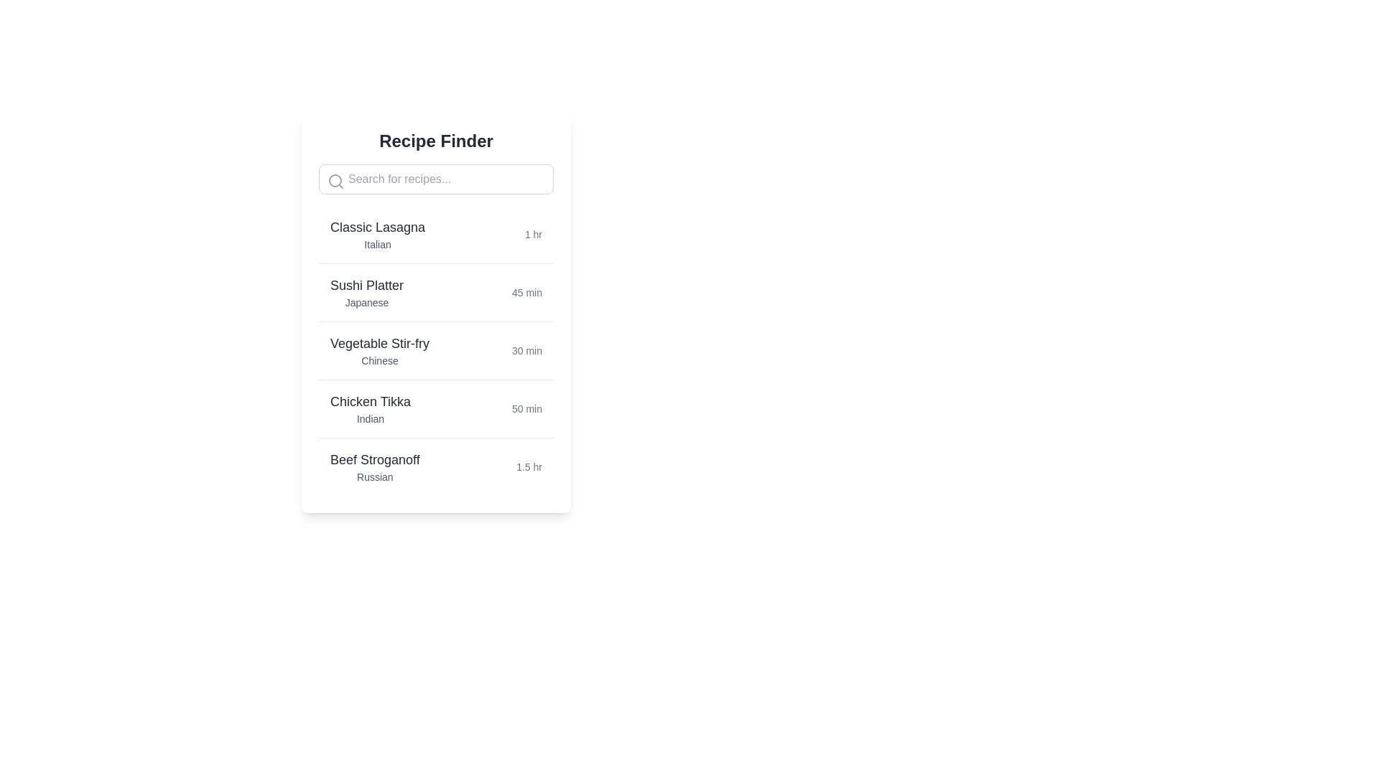 The height and width of the screenshot is (775, 1379). Describe the element at coordinates (435, 350) in the screenshot. I see `the 'Vegetable Stir-fry' item in the recipe list` at that location.